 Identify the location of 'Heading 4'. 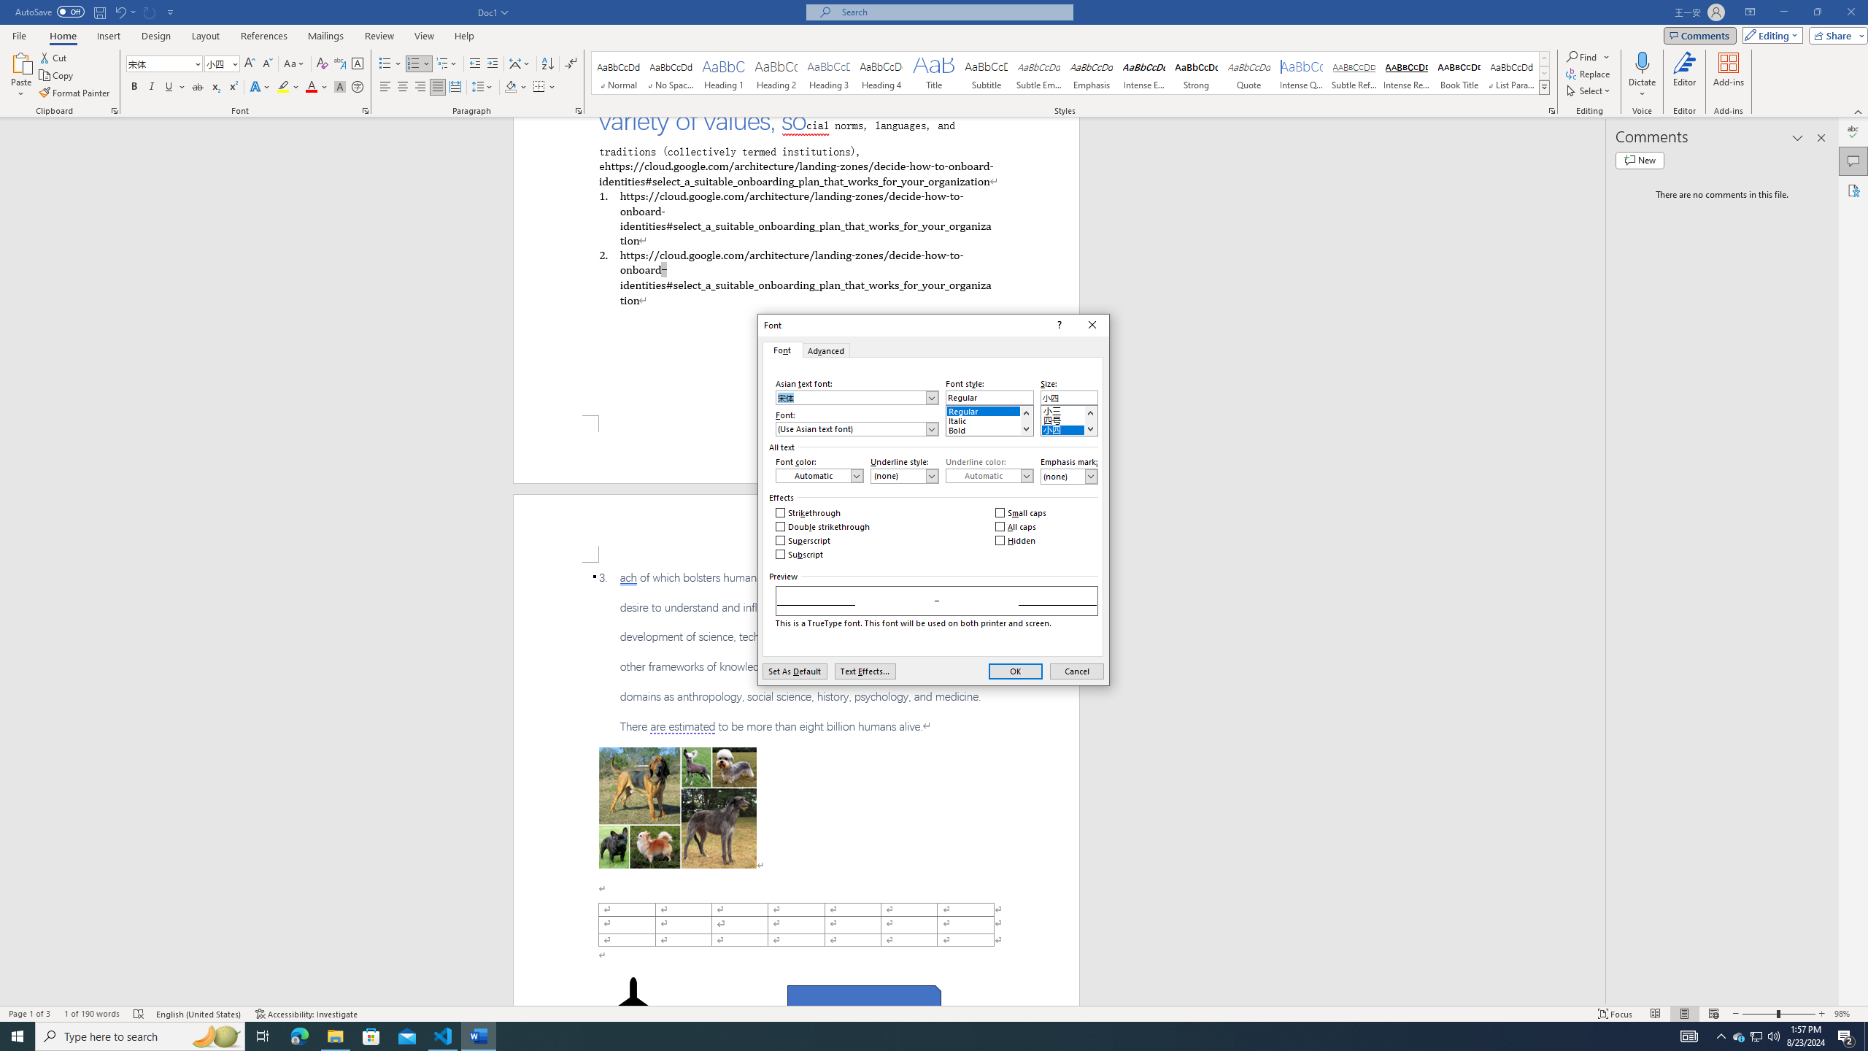
(881, 72).